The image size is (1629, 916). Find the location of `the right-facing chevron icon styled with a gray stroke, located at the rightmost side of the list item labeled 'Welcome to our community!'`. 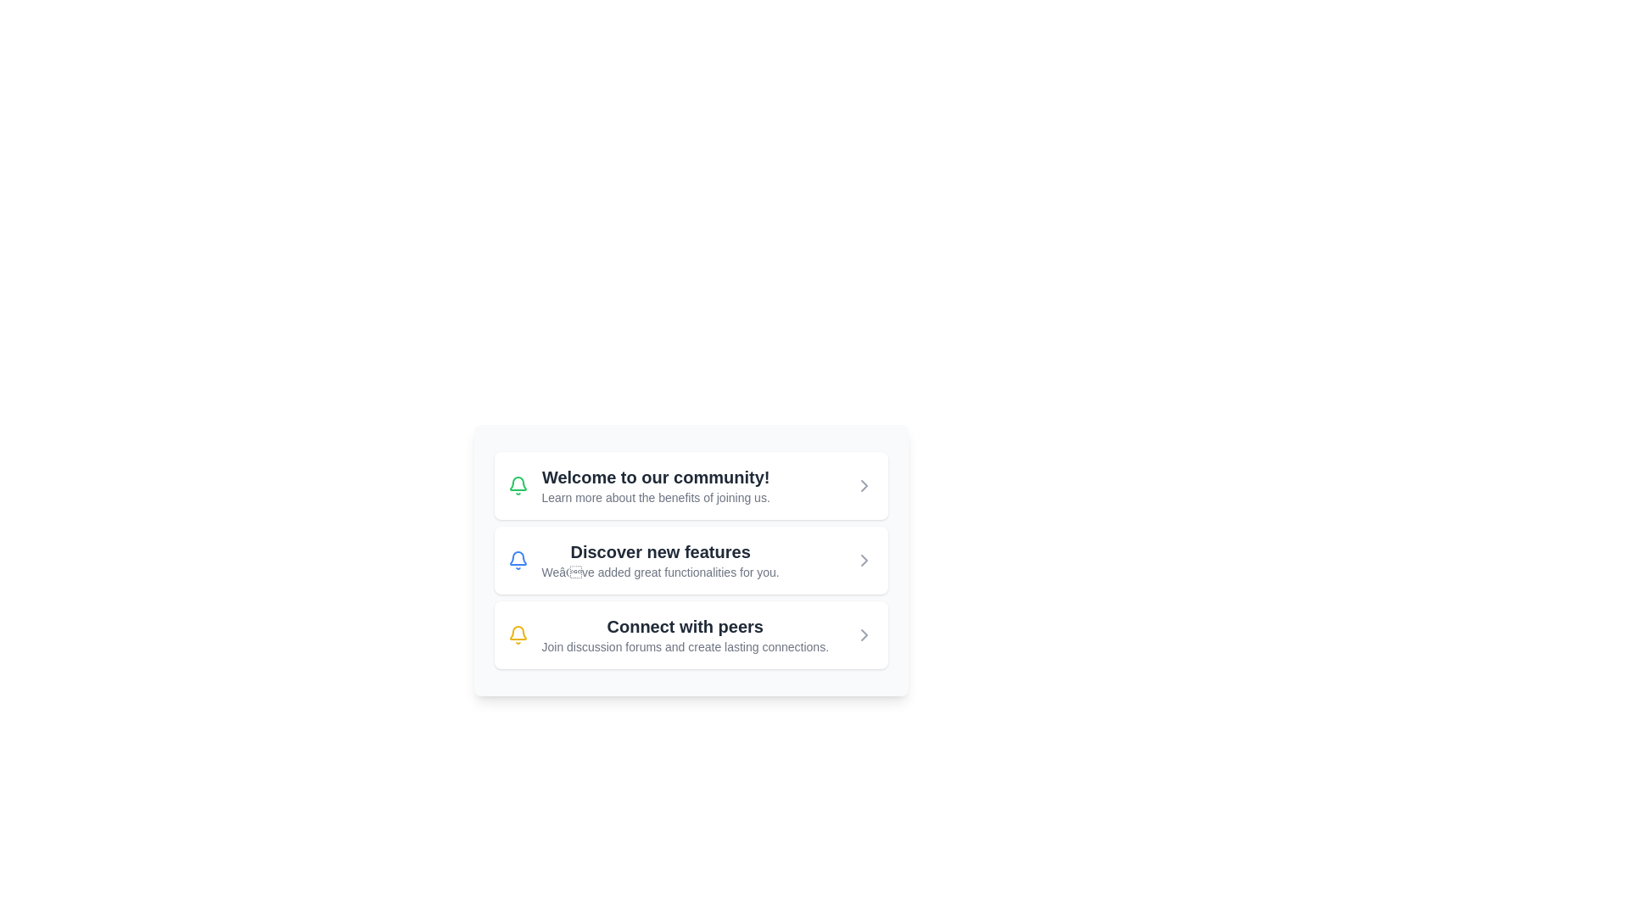

the right-facing chevron icon styled with a gray stroke, located at the rightmost side of the list item labeled 'Welcome to our community!' is located at coordinates (864, 486).